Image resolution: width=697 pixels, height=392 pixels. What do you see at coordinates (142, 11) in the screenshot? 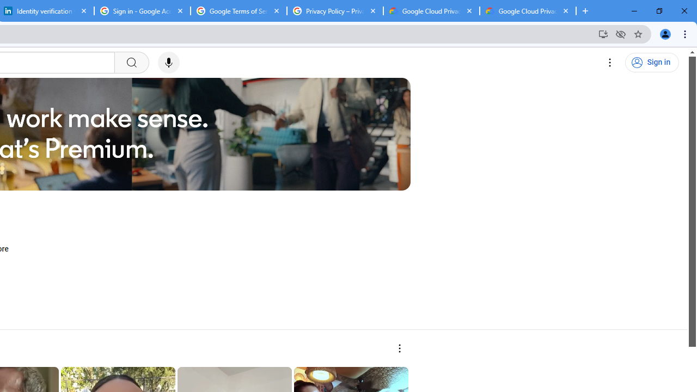
I see `'Sign in - Google Accounts'` at bounding box center [142, 11].